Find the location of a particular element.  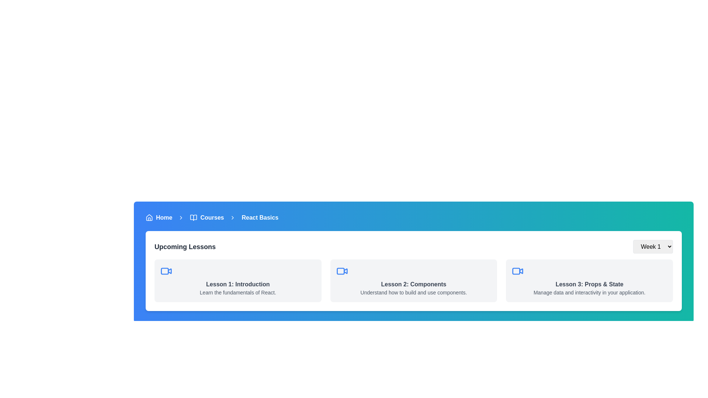

the multimedia icon located at the upper-left corner of 'Lesson 1: Introduction' block, indicating the presence of video content is located at coordinates (166, 271).